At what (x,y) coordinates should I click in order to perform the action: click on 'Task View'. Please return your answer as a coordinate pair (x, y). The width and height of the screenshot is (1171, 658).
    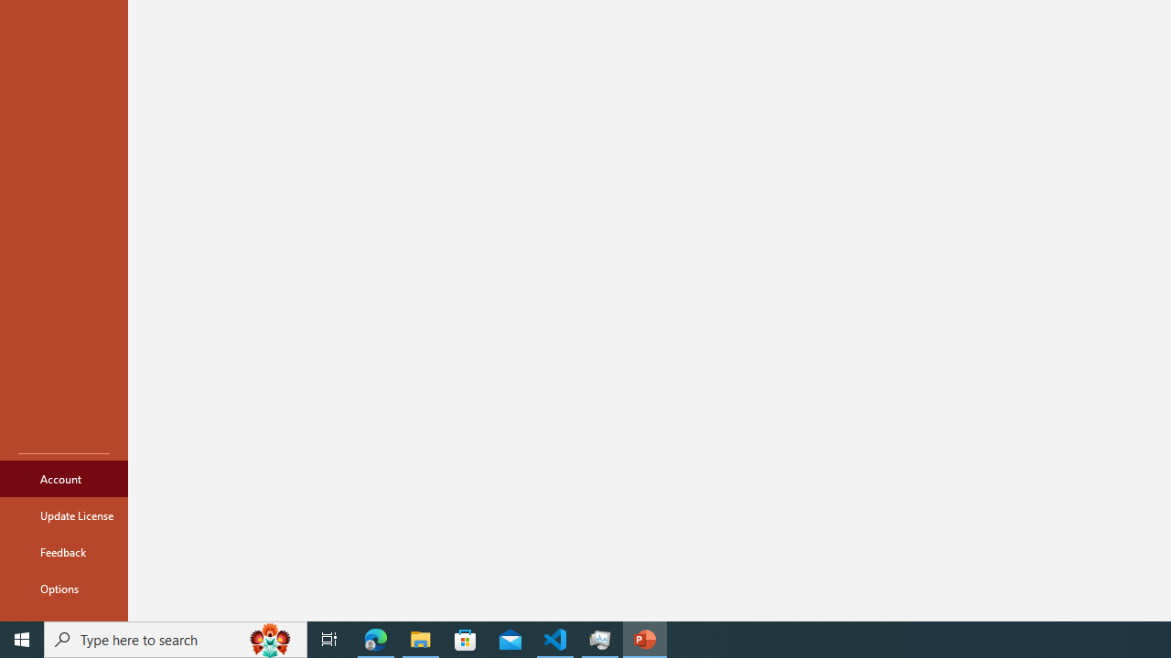
    Looking at the image, I should click on (328, 638).